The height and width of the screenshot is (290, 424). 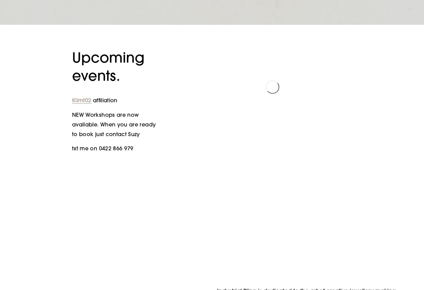 I want to click on '22', so click(x=272, y=158).